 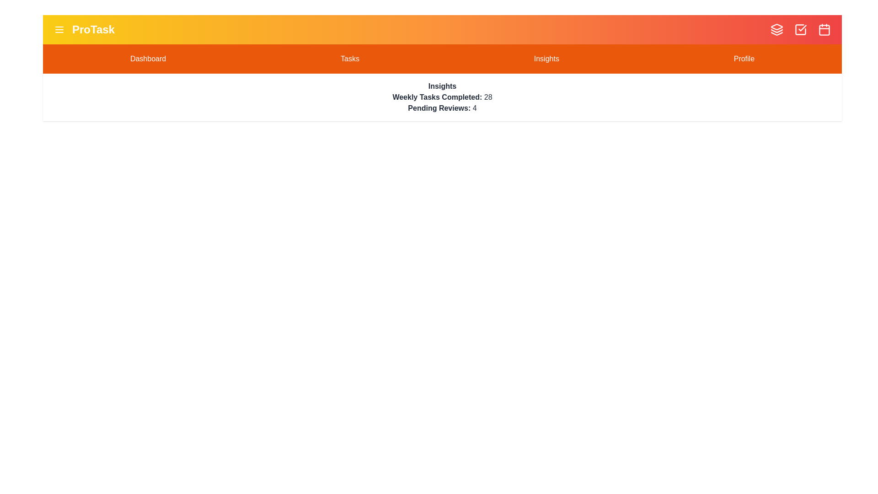 I want to click on the Layers icon in the top-right corner, so click(x=776, y=29).